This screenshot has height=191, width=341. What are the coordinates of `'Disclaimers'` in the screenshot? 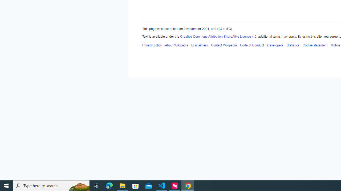 It's located at (199, 45).